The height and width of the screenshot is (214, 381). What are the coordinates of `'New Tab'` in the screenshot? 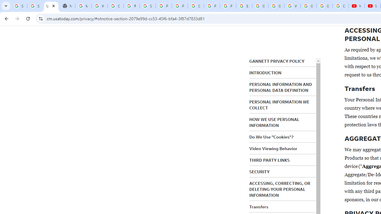 It's located at (67, 6).